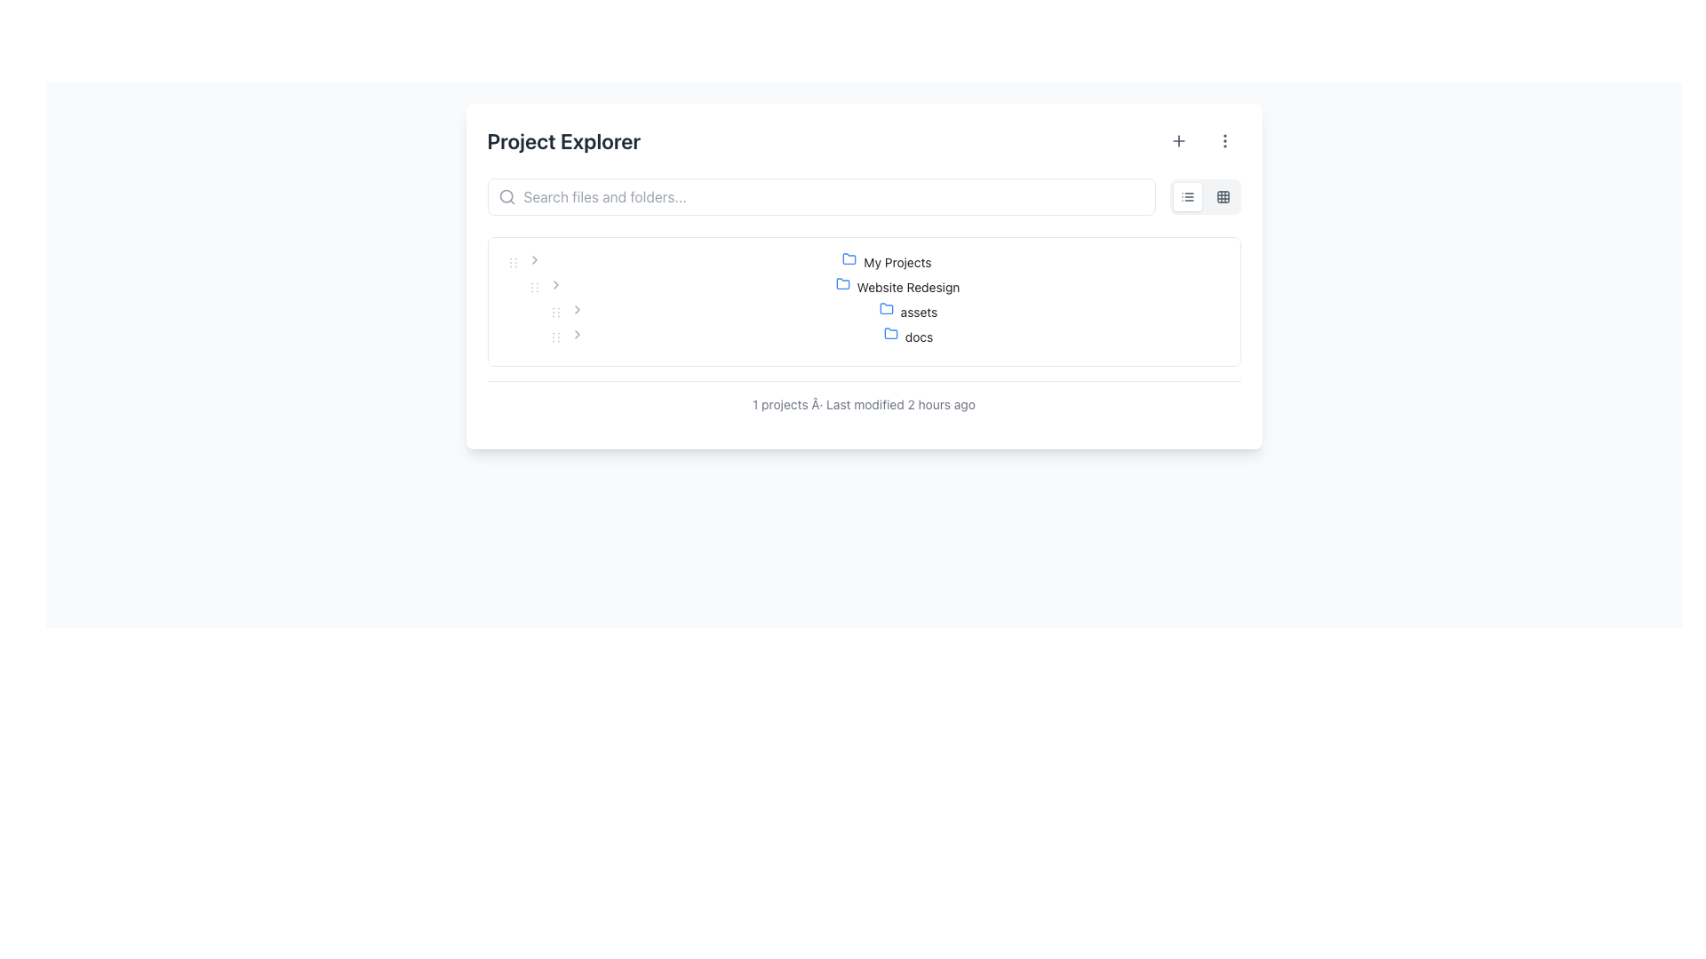  I want to click on the icon located in the top-right section of the 'Project Explorer' interface, adjacent to a '+' icon, so click(1224, 139).